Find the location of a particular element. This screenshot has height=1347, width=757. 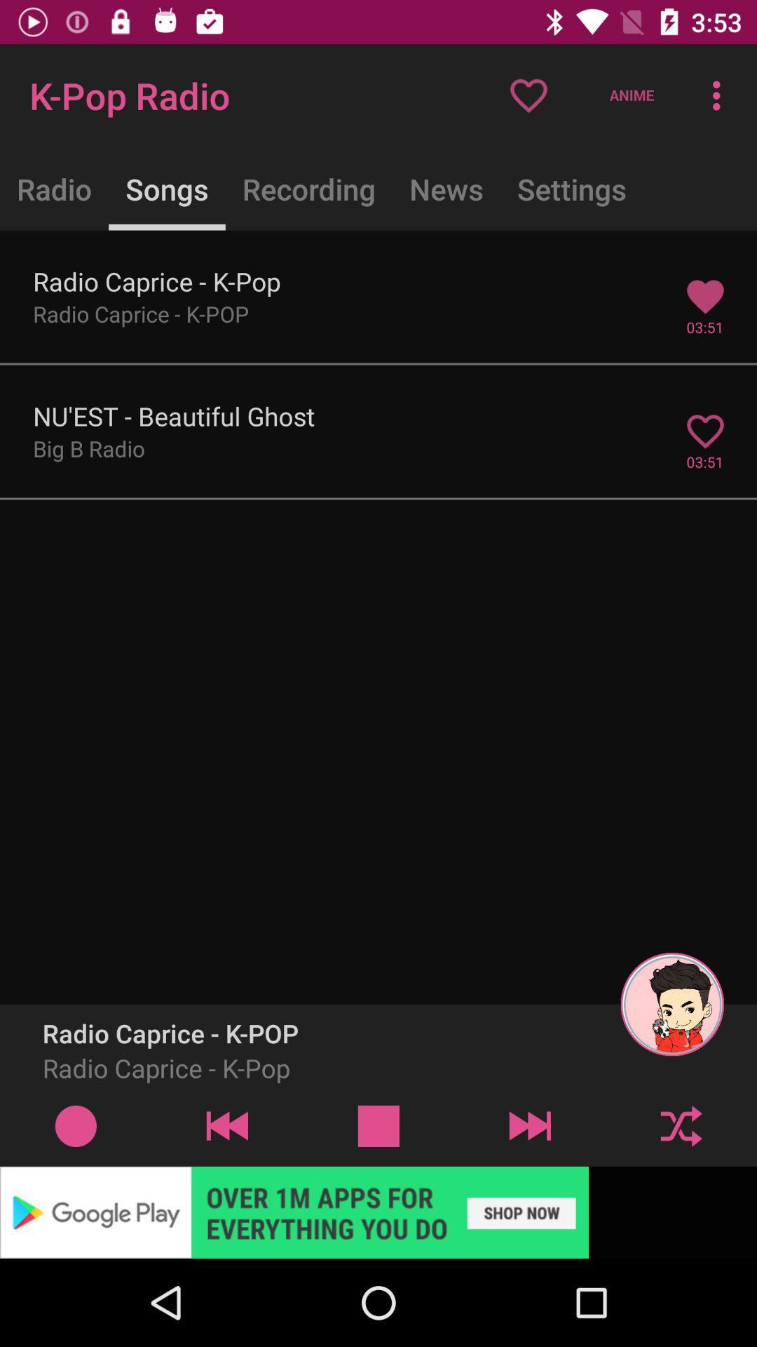

three vertical dots at top right corner is located at coordinates (720, 95).